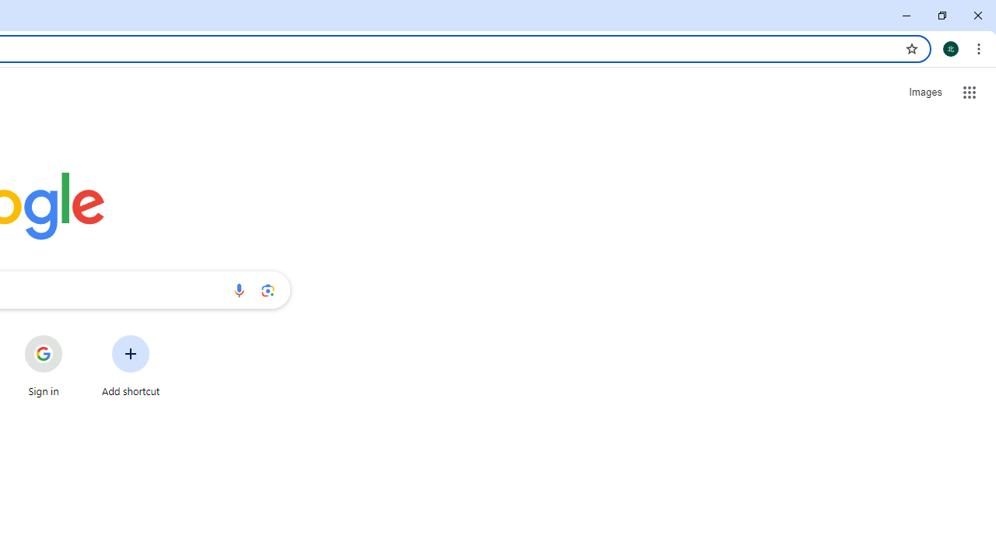 The height and width of the screenshot is (560, 996). Describe the element at coordinates (925, 93) in the screenshot. I see `'Search for Images '` at that location.